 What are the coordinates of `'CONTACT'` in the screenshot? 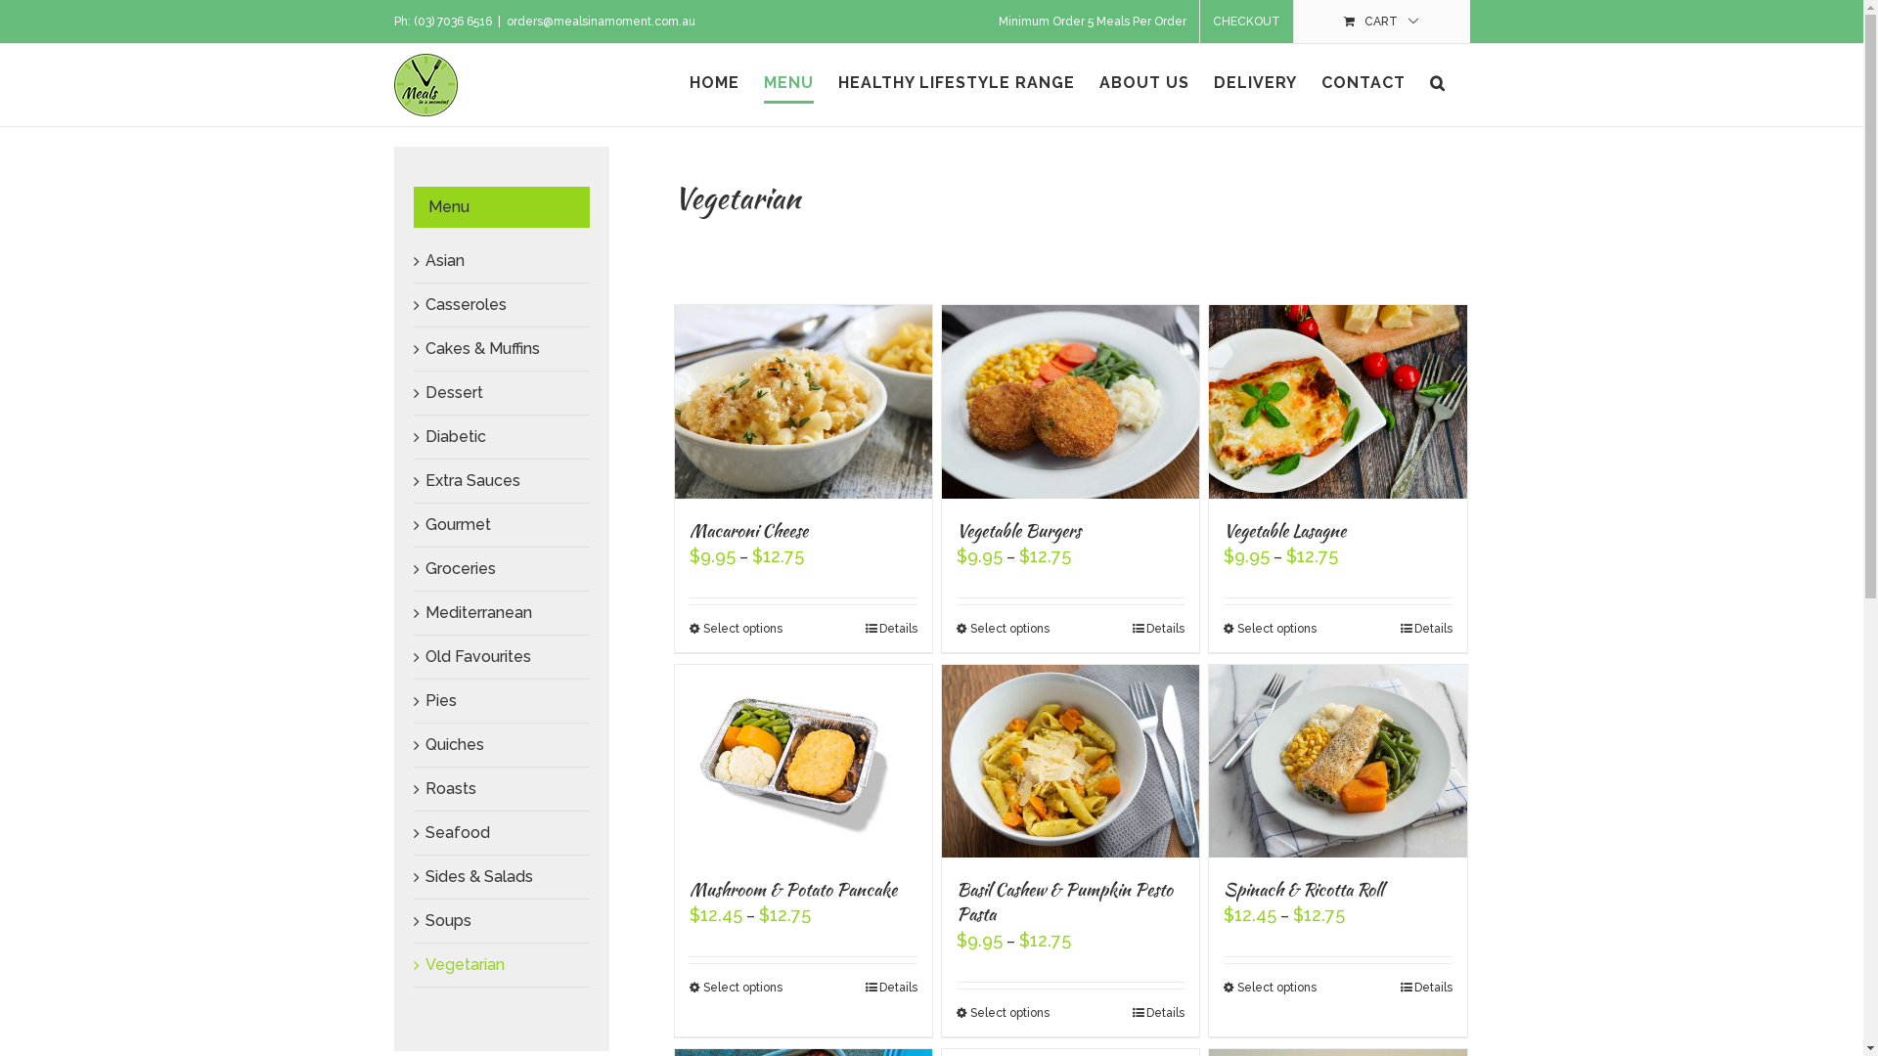 It's located at (1361, 81).